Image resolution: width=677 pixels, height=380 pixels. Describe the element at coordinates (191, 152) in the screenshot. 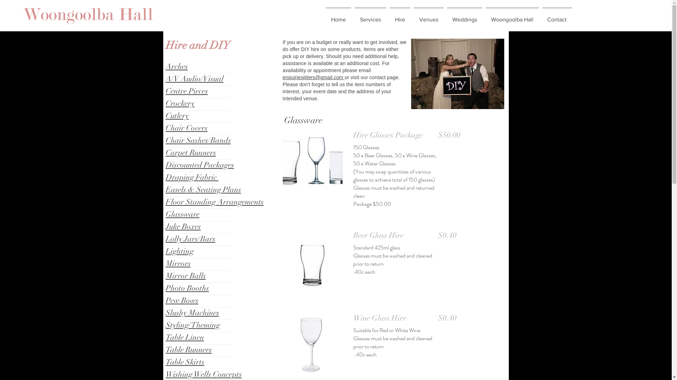

I see `'Carpet Runners'` at that location.